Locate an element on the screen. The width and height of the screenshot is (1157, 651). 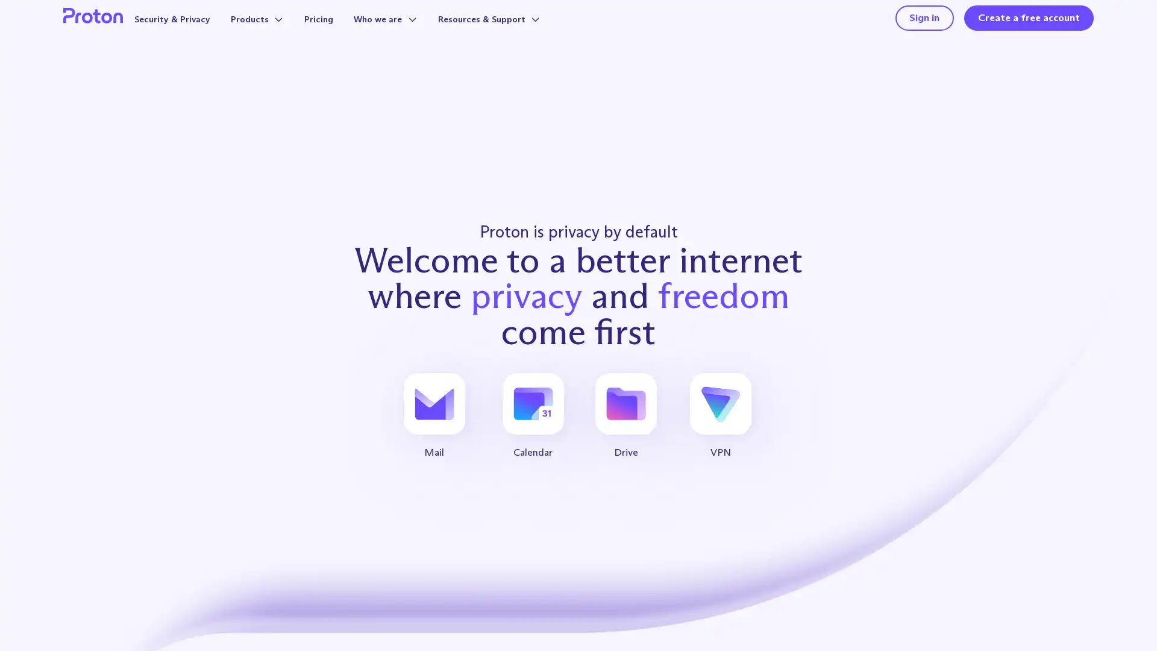
Who we are is located at coordinates (409, 31).